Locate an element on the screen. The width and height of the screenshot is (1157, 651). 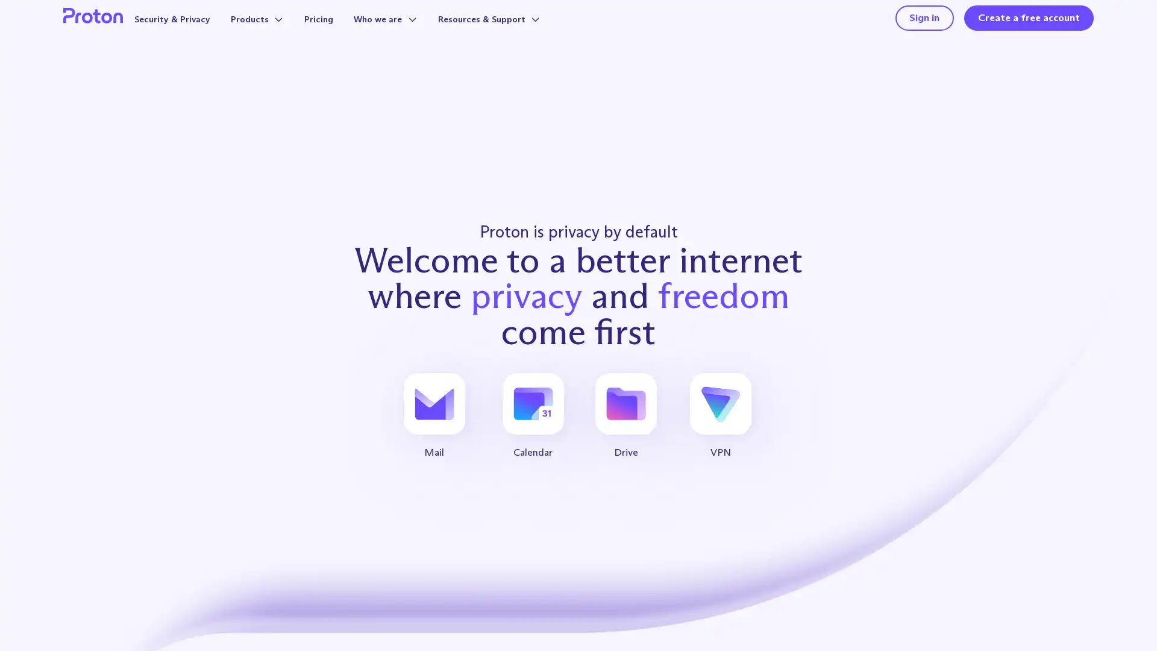
Who we are is located at coordinates (409, 31).